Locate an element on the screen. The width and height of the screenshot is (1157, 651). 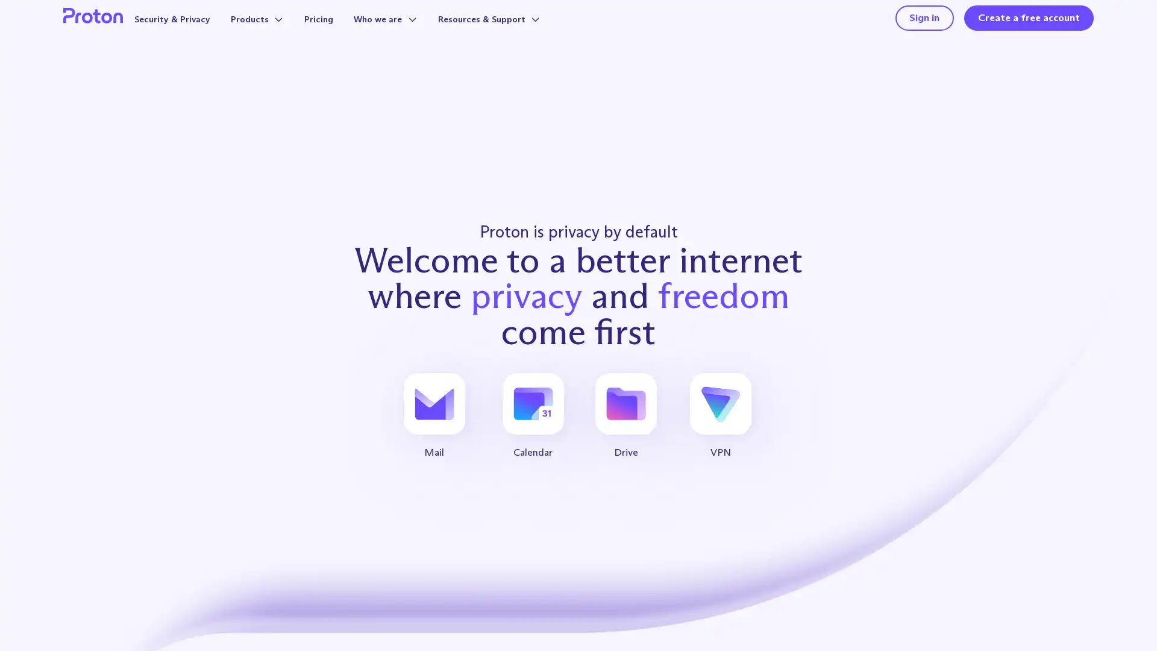
Who we are is located at coordinates (409, 31).